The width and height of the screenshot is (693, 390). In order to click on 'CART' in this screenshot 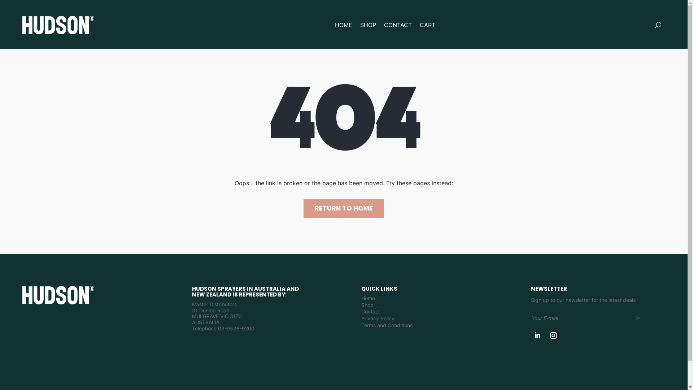, I will do `click(427, 25)`.